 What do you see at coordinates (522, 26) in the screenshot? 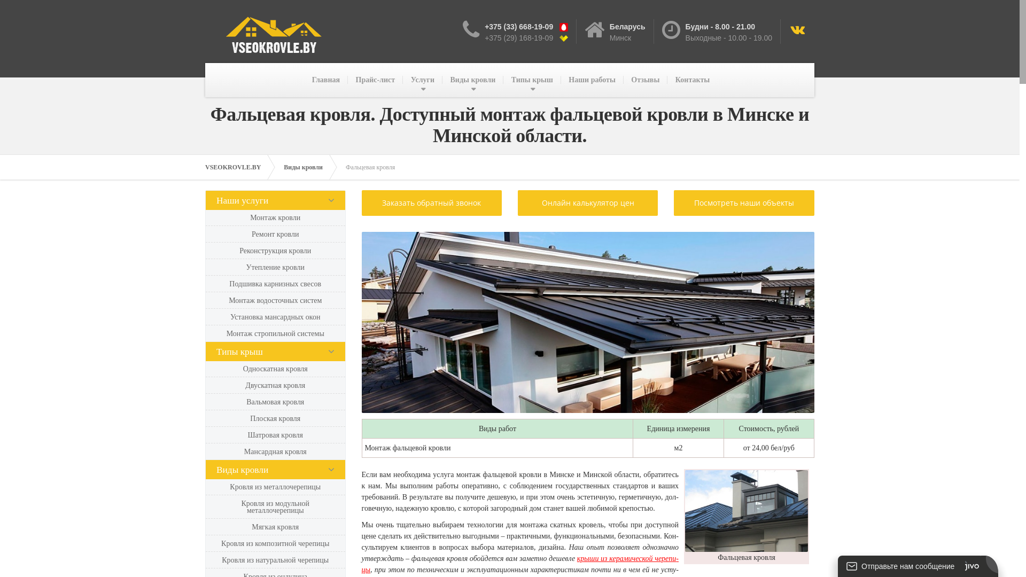
I see `'+375 (33) 668-19-09  '` at bounding box center [522, 26].